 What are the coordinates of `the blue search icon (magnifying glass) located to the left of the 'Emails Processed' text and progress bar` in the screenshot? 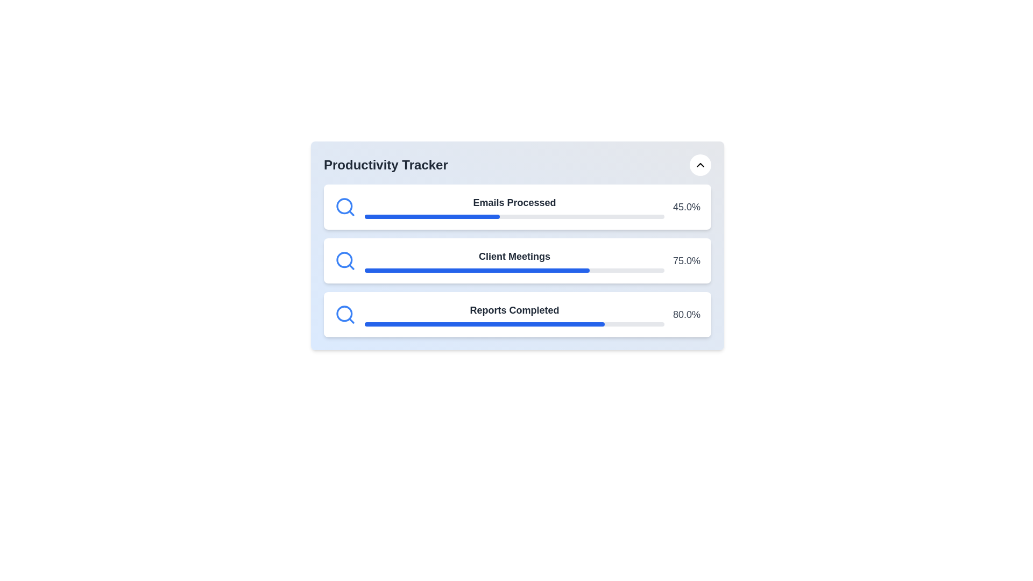 It's located at (345, 207).